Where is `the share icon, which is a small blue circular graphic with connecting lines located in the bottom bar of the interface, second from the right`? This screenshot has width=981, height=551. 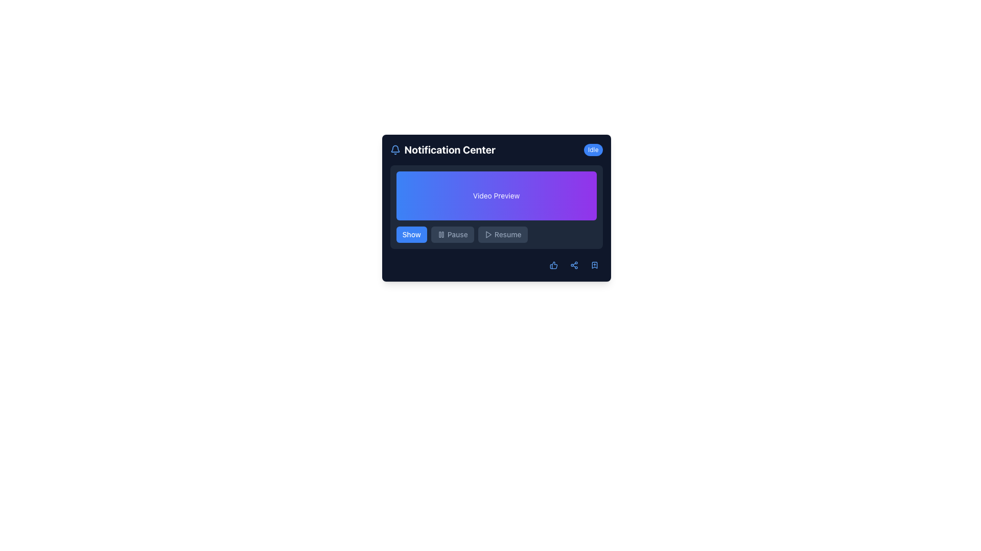
the share icon, which is a small blue circular graphic with connecting lines located in the bottom bar of the interface, second from the right is located at coordinates (574, 265).